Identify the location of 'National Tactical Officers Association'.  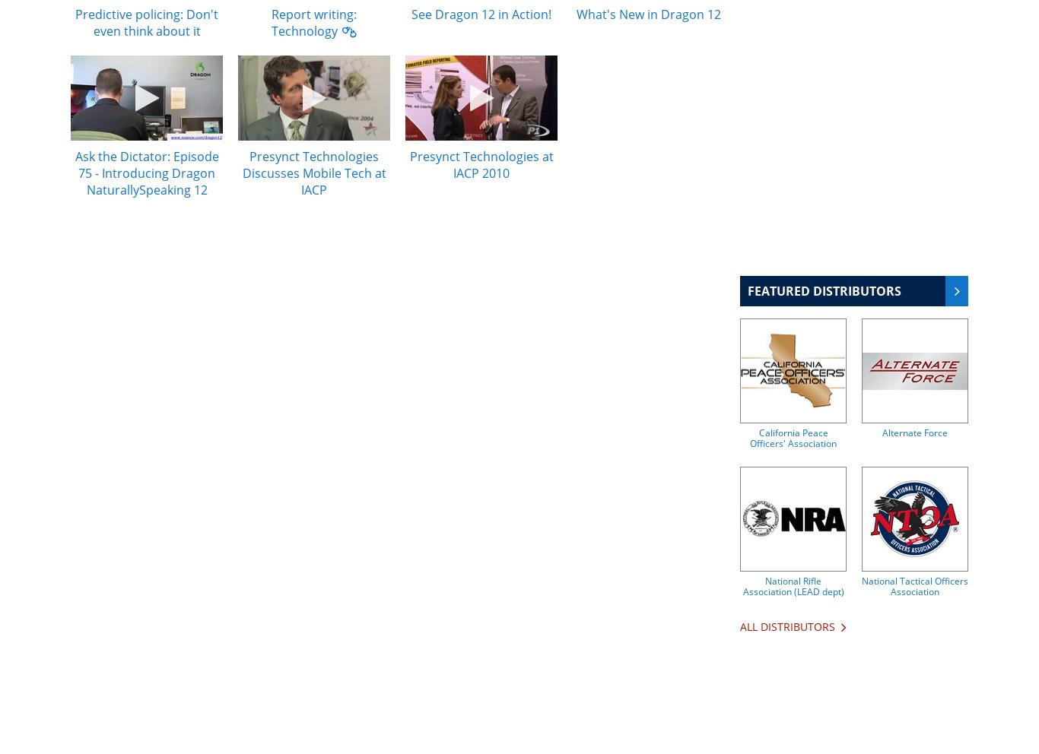
(915, 585).